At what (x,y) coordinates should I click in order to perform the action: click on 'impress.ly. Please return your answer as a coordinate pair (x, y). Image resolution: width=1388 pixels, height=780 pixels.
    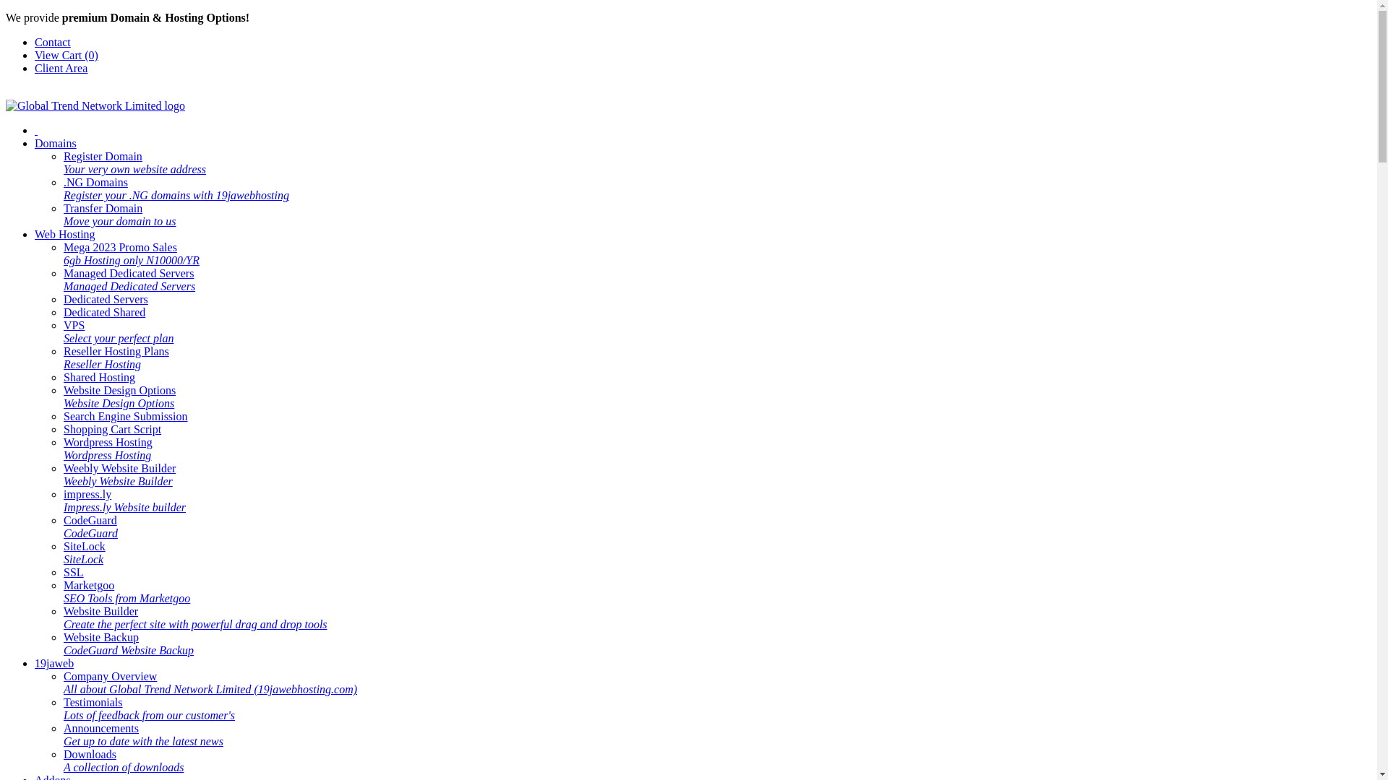
    Looking at the image, I should click on (124, 500).